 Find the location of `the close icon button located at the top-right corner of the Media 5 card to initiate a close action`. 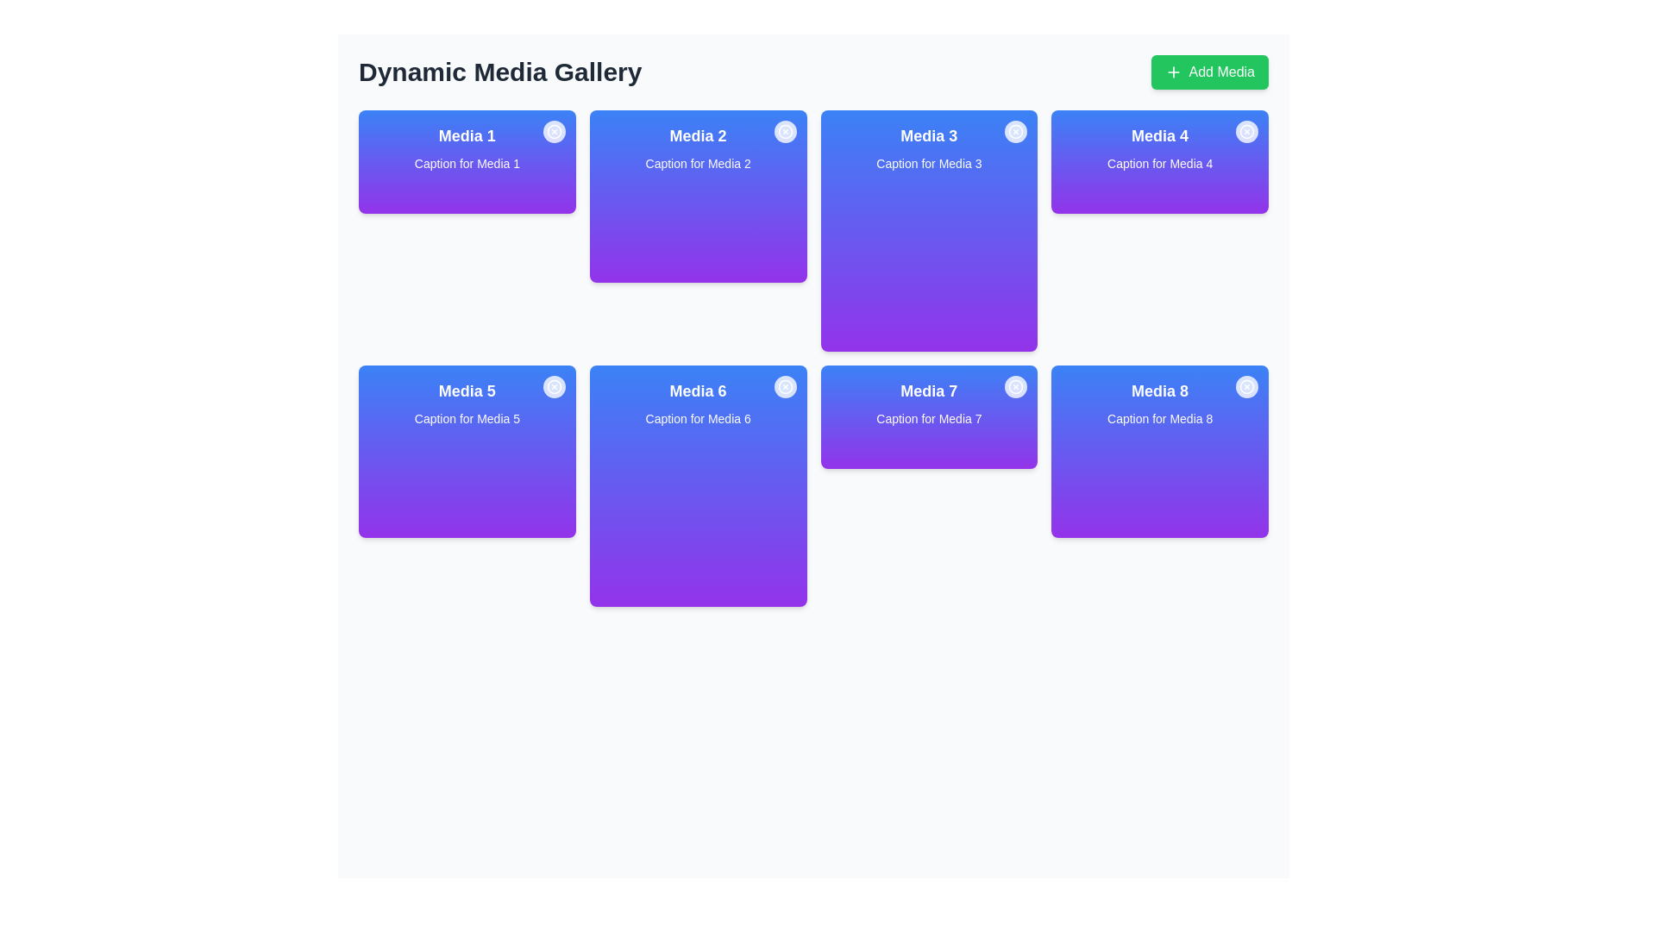

the close icon button located at the top-right corner of the Media 5 card to initiate a close action is located at coordinates (554, 385).